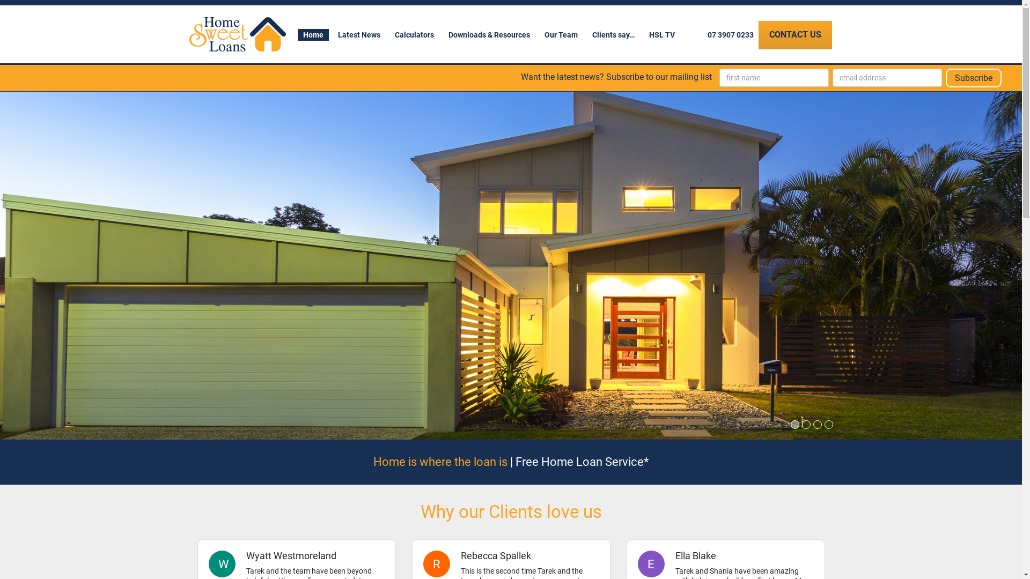  I want to click on 'HSL TV', so click(644, 34).